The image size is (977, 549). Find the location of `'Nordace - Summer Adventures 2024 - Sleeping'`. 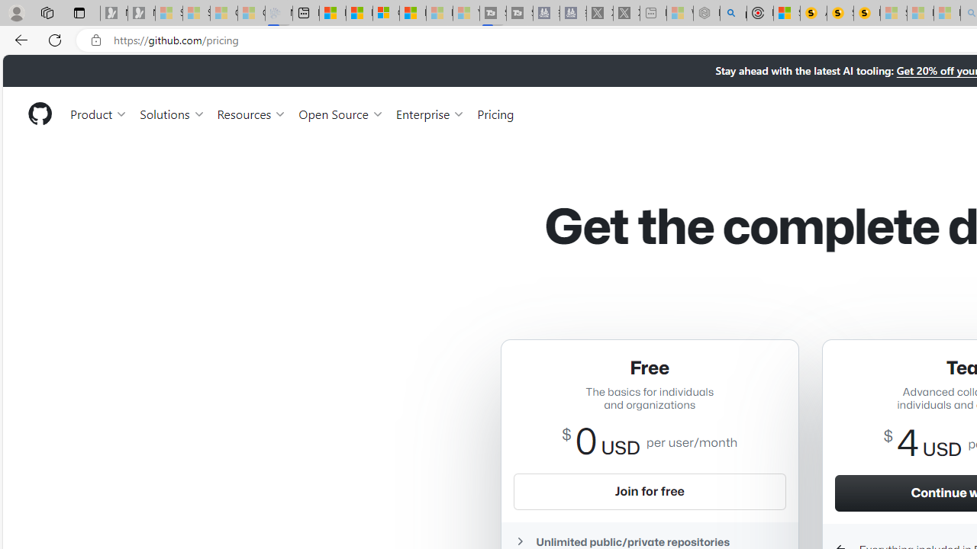

'Nordace - Summer Adventures 2024 - Sleeping' is located at coordinates (706, 13).